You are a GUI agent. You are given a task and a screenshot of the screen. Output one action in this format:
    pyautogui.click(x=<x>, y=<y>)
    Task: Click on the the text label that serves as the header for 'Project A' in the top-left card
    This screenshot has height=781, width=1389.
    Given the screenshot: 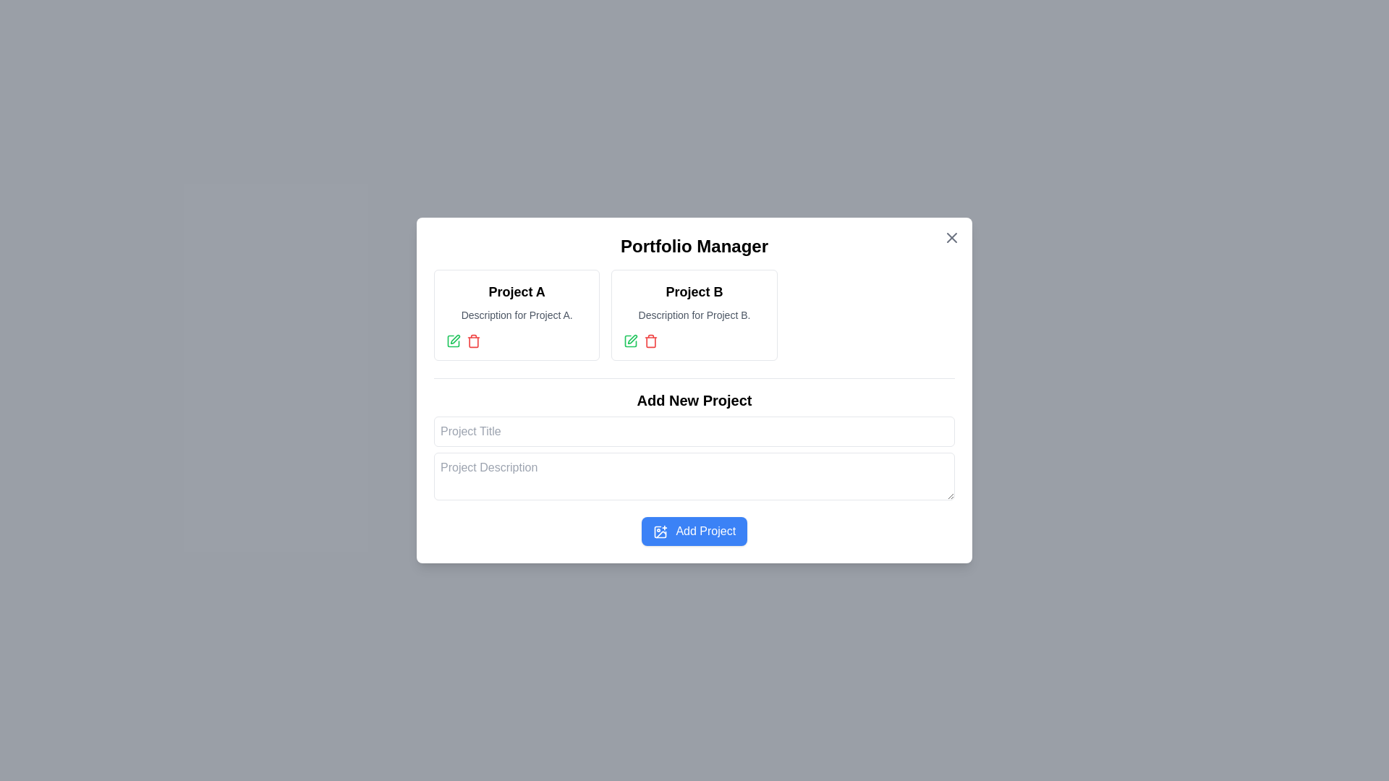 What is the action you would take?
    pyautogui.click(x=517, y=292)
    